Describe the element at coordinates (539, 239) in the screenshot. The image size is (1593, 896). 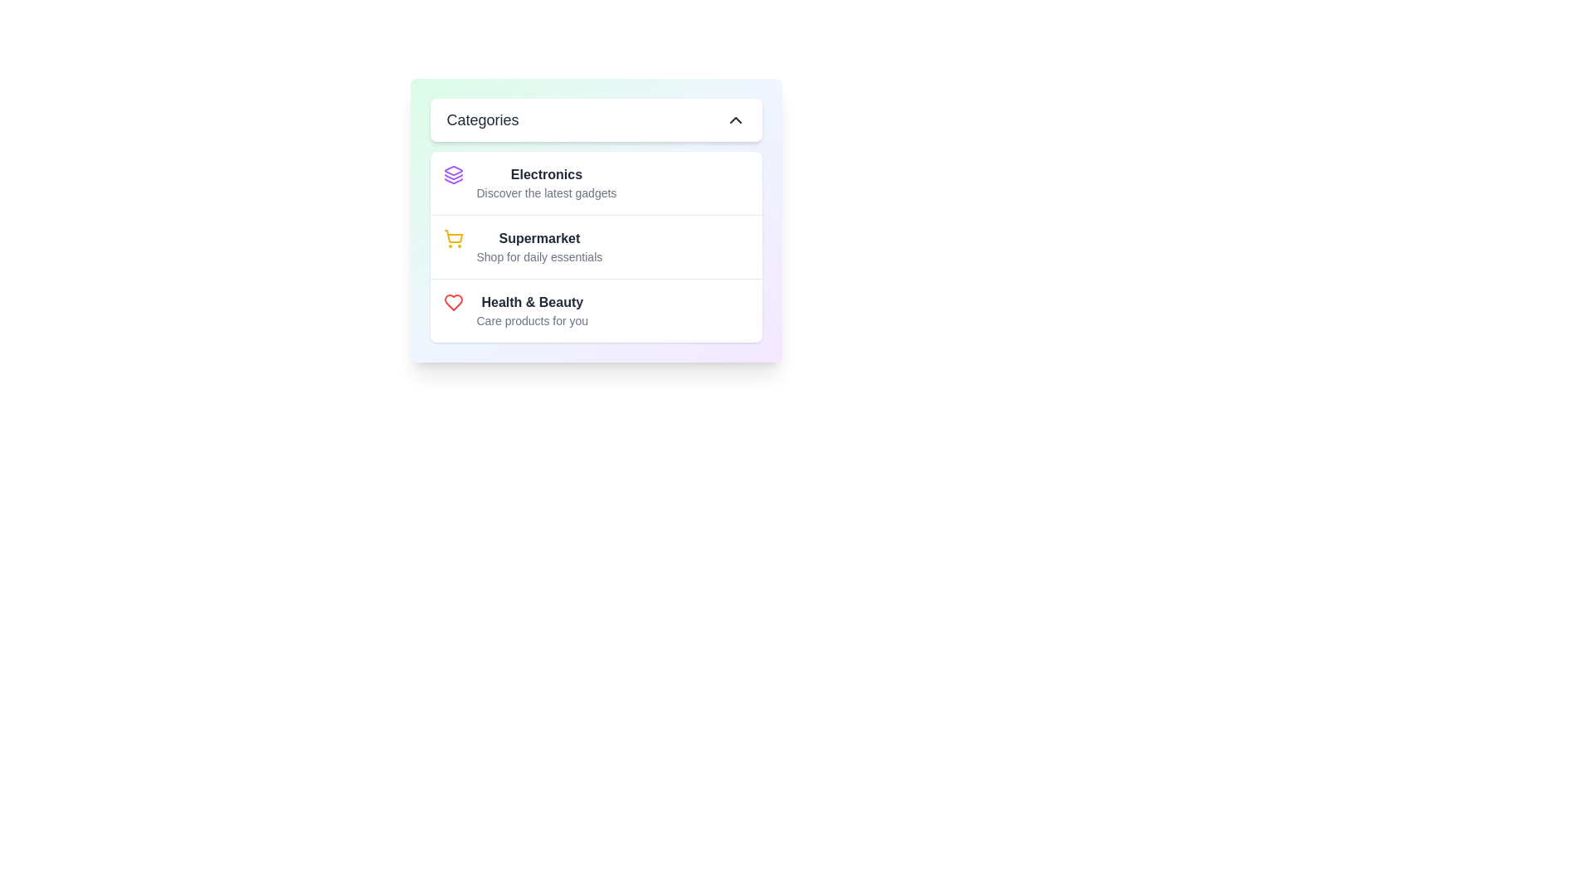
I see `the 'Supermarket' text label, which is the first line in a category section with a shopping cart icon` at that location.